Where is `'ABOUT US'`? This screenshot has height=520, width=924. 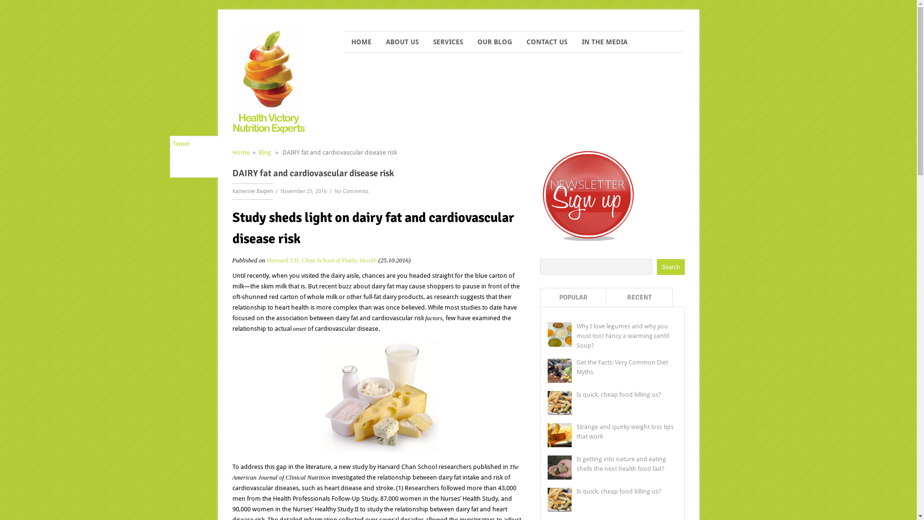
'ABOUT US' is located at coordinates (402, 41).